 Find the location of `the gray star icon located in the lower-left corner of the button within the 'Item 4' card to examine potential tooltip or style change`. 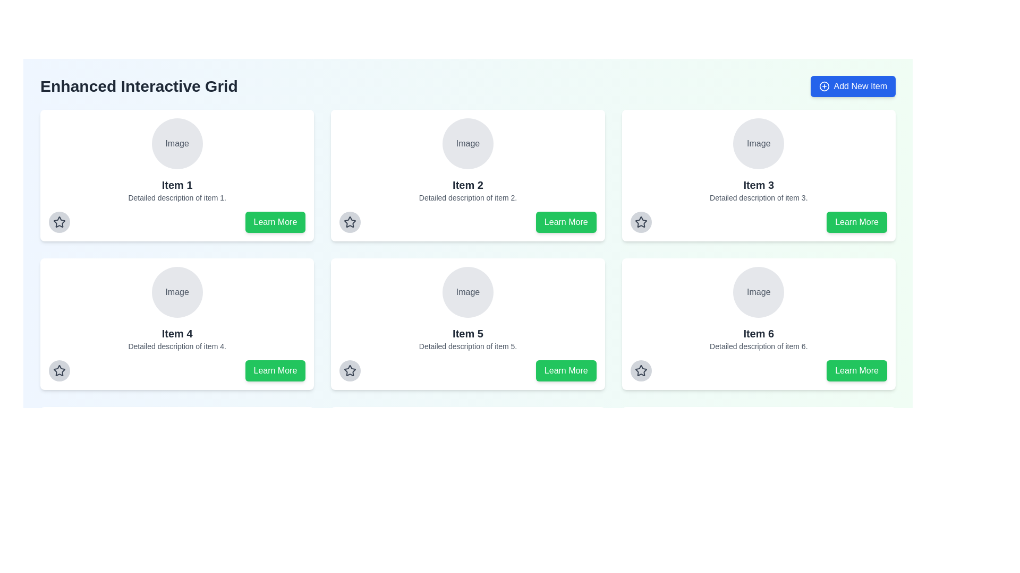

the gray star icon located in the lower-left corner of the button within the 'Item 4' card to examine potential tooltip or style change is located at coordinates (58, 370).